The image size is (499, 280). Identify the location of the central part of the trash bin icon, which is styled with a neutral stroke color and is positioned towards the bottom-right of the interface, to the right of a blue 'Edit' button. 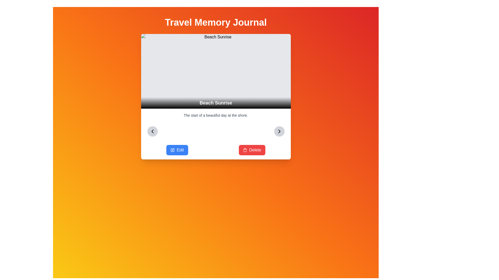
(245, 150).